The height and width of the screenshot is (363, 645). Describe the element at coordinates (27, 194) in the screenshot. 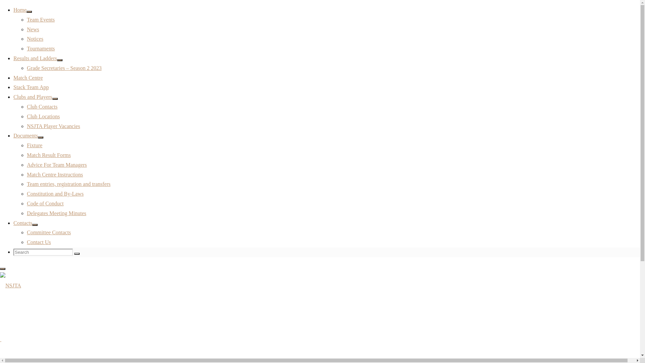

I see `'Constitution and By-Laws'` at that location.